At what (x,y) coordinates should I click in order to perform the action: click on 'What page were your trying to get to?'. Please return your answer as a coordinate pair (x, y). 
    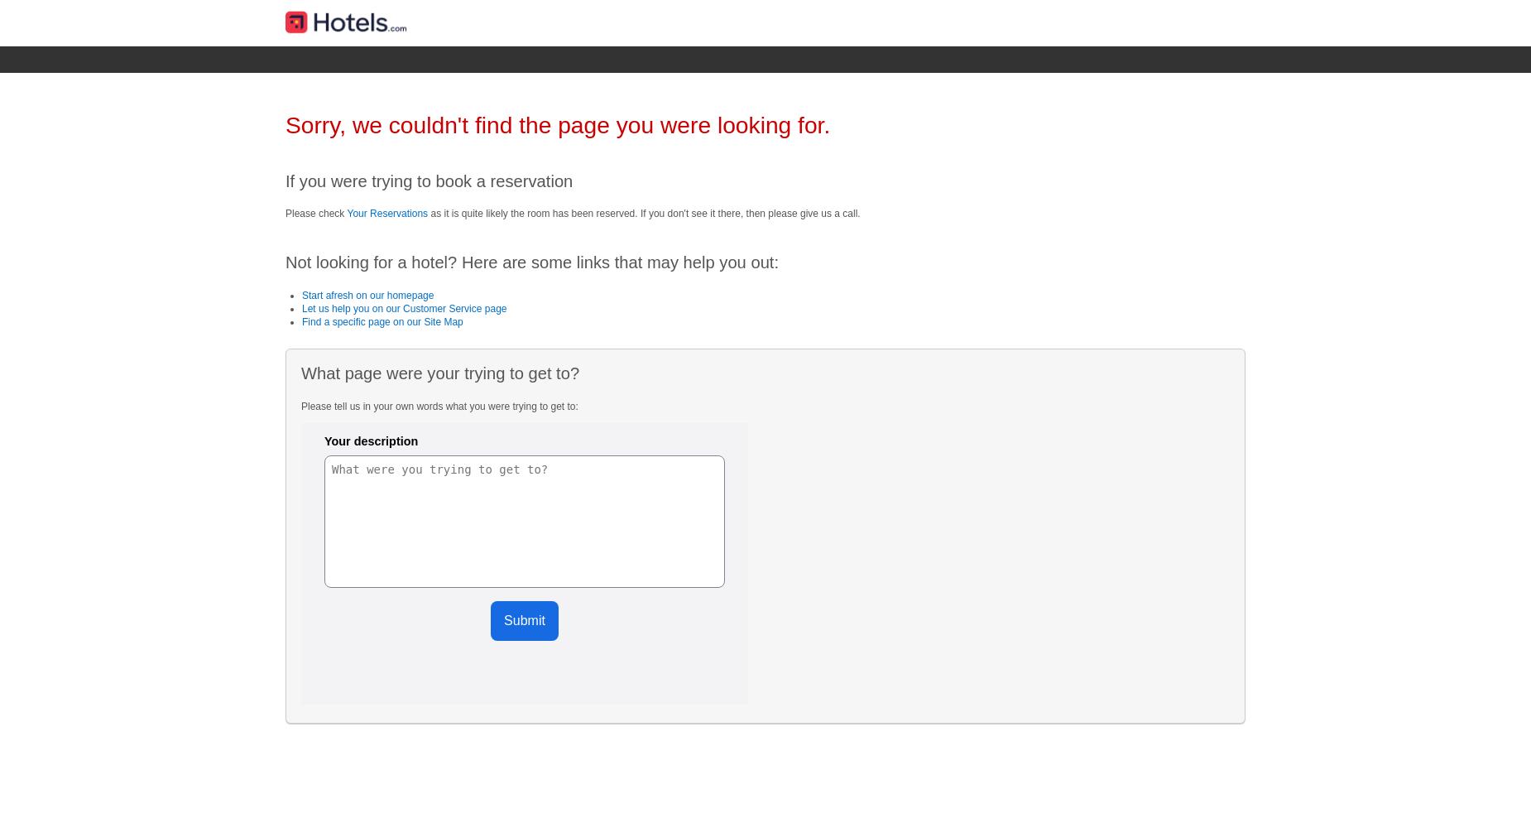
    Looking at the image, I should click on (440, 373).